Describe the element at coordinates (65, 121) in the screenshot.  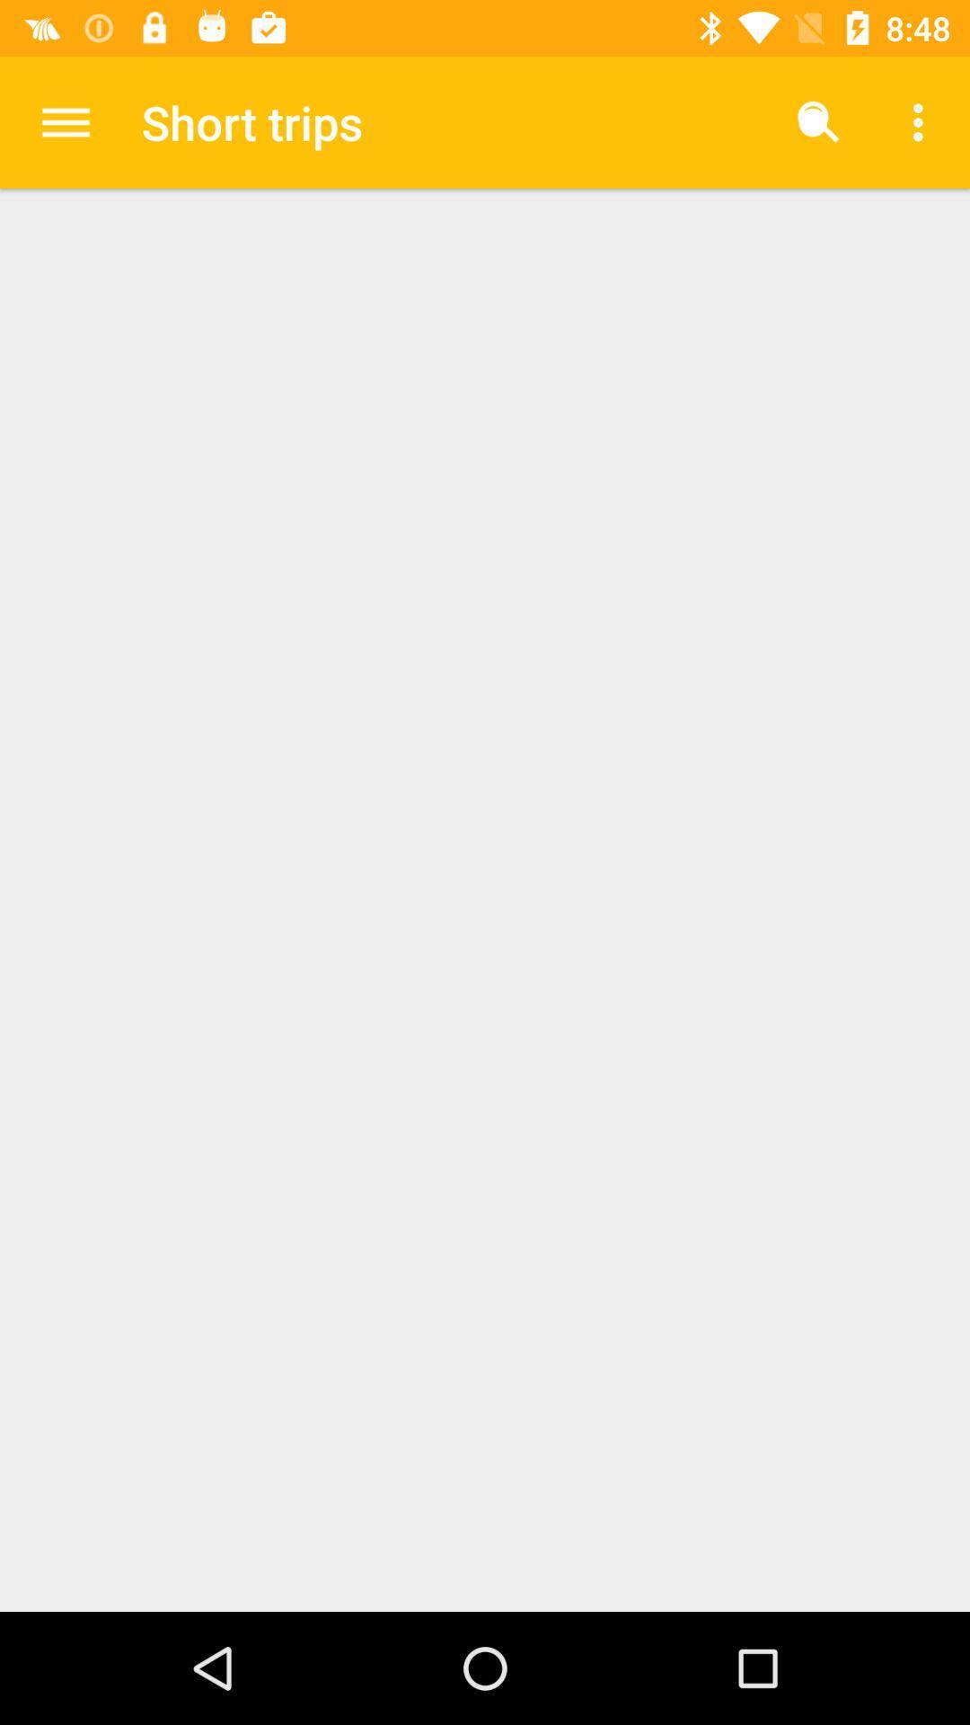
I see `item next to the short trips app` at that location.